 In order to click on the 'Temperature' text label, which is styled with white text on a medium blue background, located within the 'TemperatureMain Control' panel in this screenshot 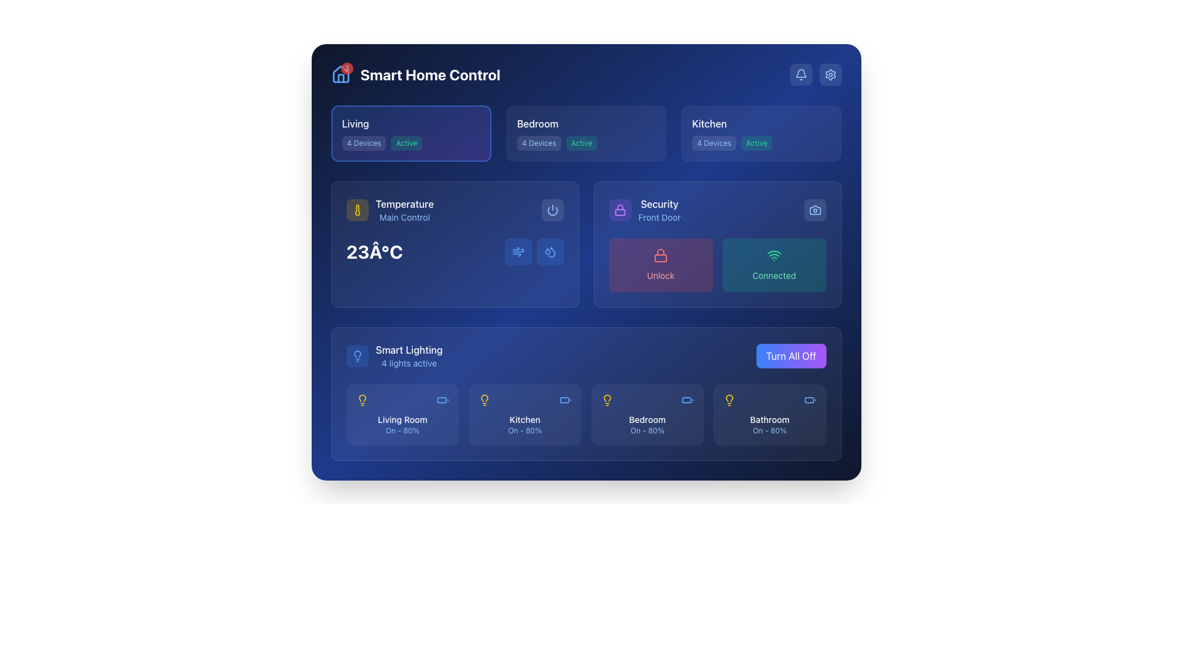, I will do `click(404, 203)`.